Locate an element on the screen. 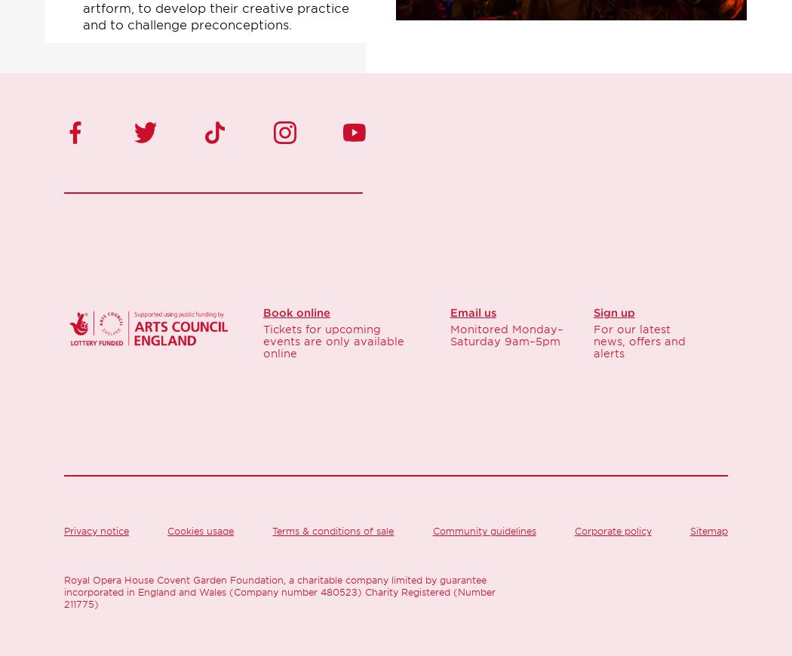 This screenshot has width=792, height=656. 'Royal Opera House Covent Garden Foundation, a charitable company limited by guarantee incorporated in England and Wales (Company number 480523) Charity Registered (Number 211775)' is located at coordinates (278, 592).